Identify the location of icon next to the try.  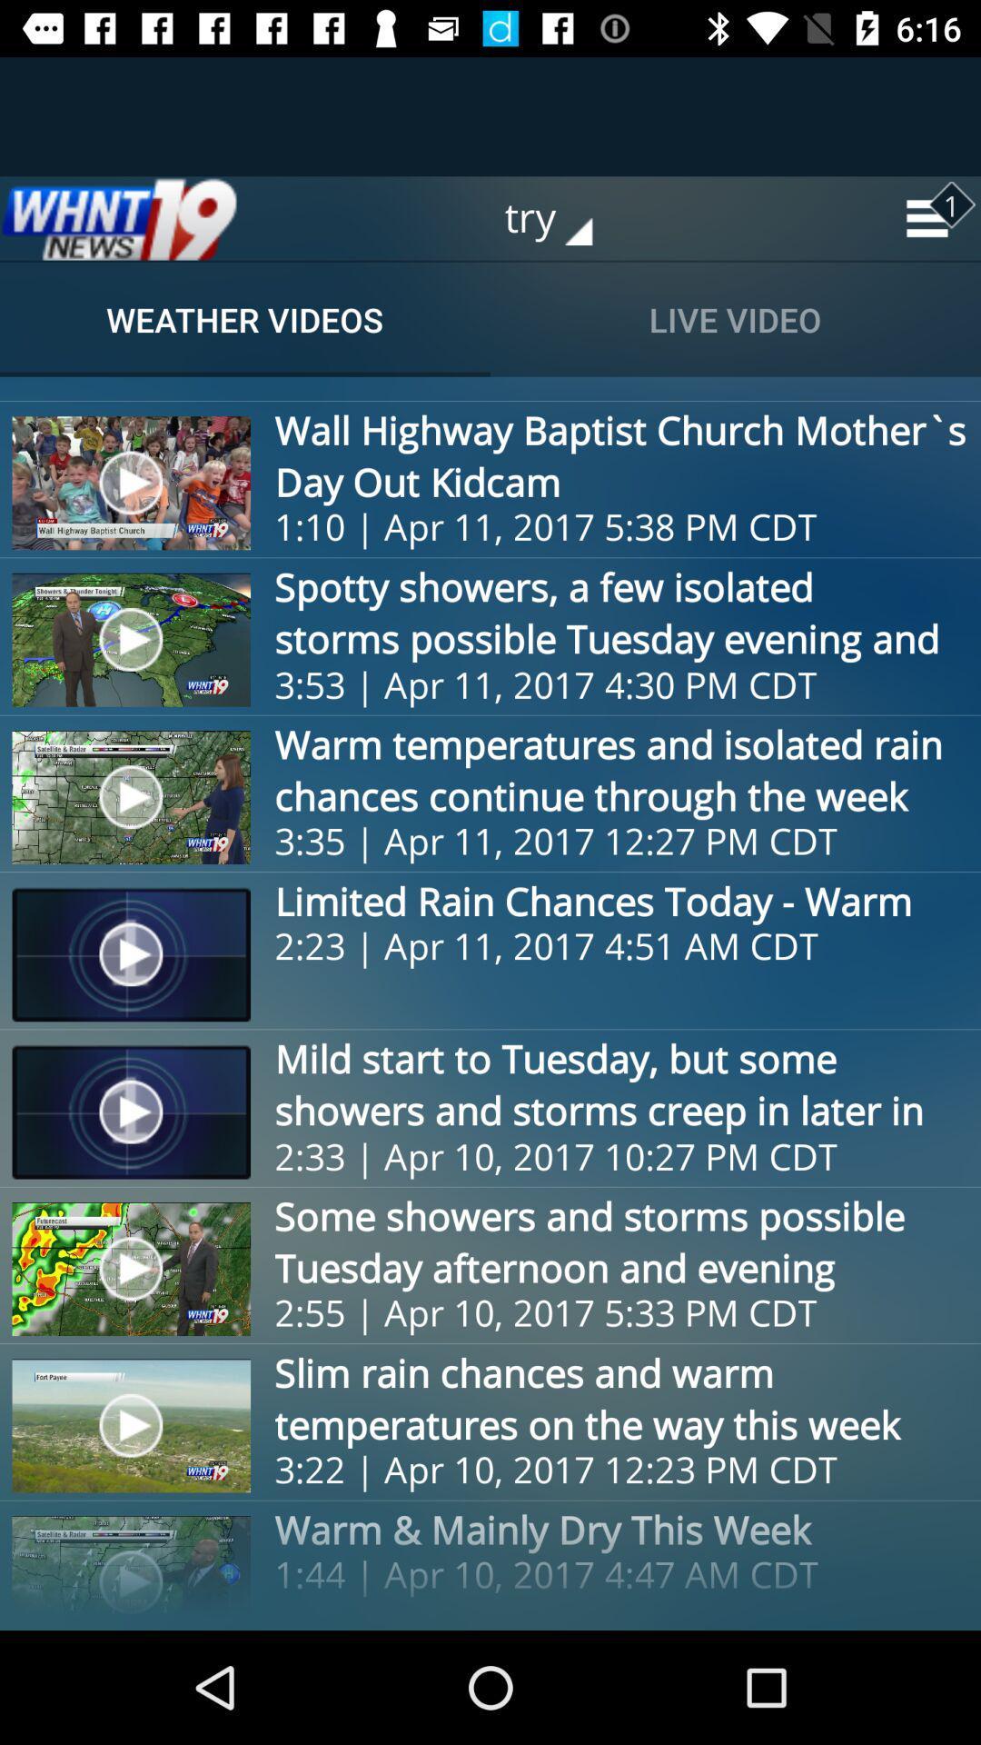
(119, 218).